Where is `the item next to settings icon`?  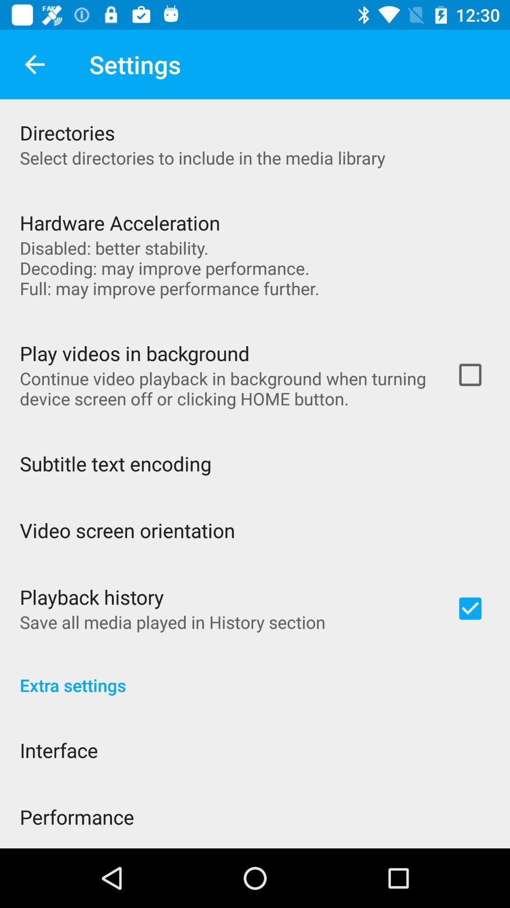 the item next to settings icon is located at coordinates (34, 64).